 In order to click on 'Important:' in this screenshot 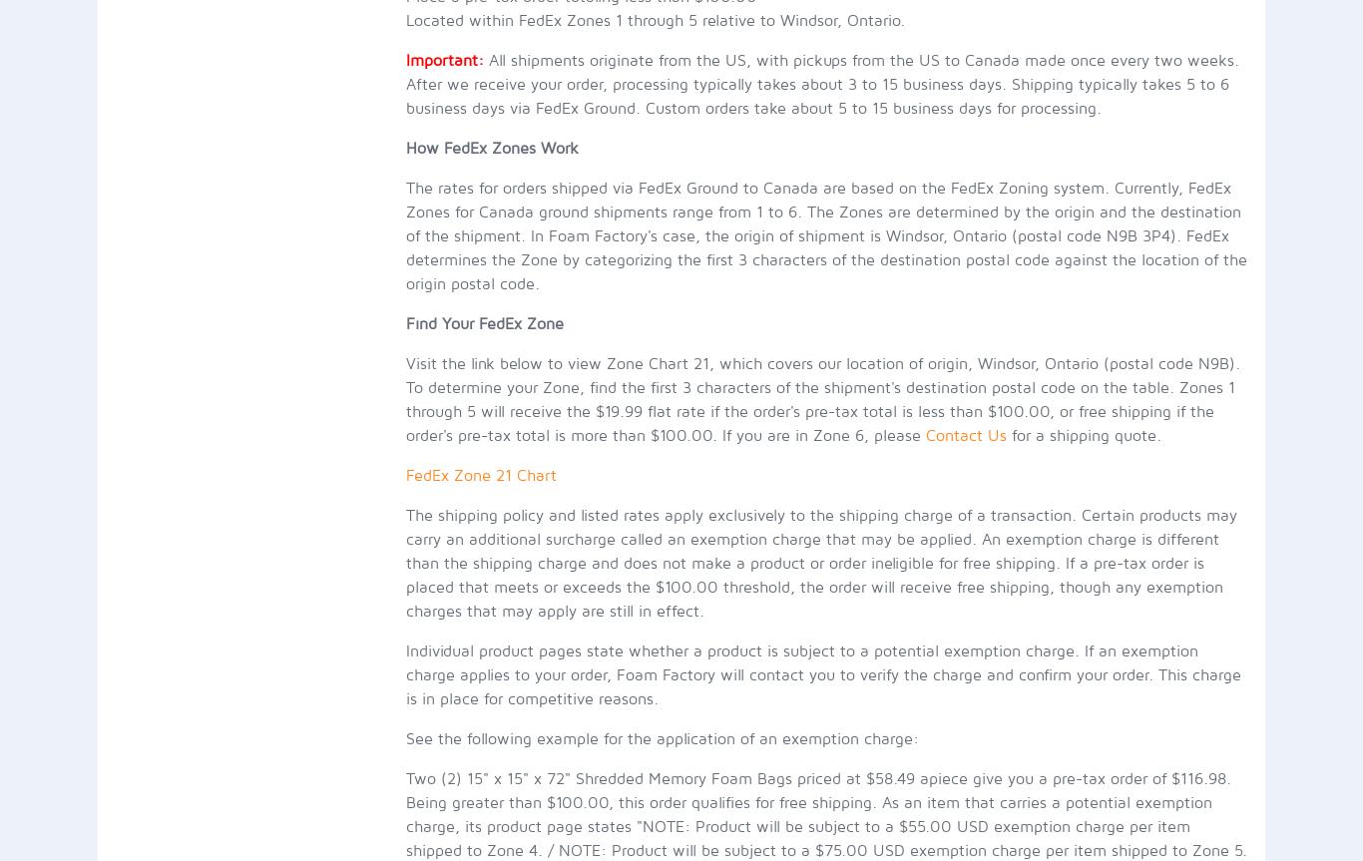, I will do `click(443, 59)`.